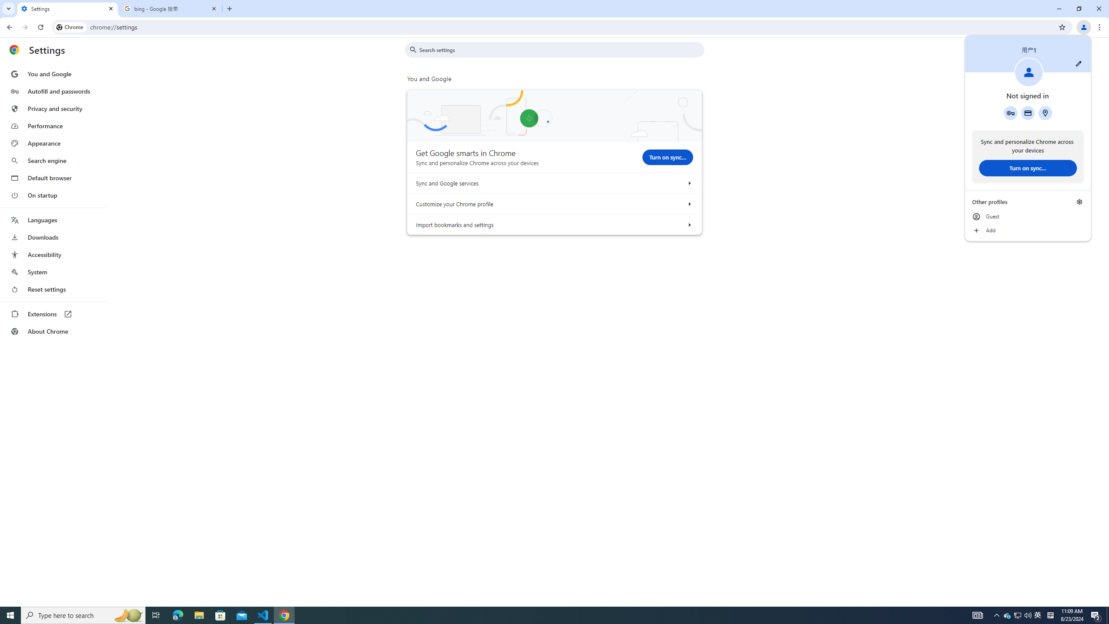  Describe the element at coordinates (1050, 614) in the screenshot. I see `'Tray Input Indicator - Chinese (Simplified, China)'` at that location.